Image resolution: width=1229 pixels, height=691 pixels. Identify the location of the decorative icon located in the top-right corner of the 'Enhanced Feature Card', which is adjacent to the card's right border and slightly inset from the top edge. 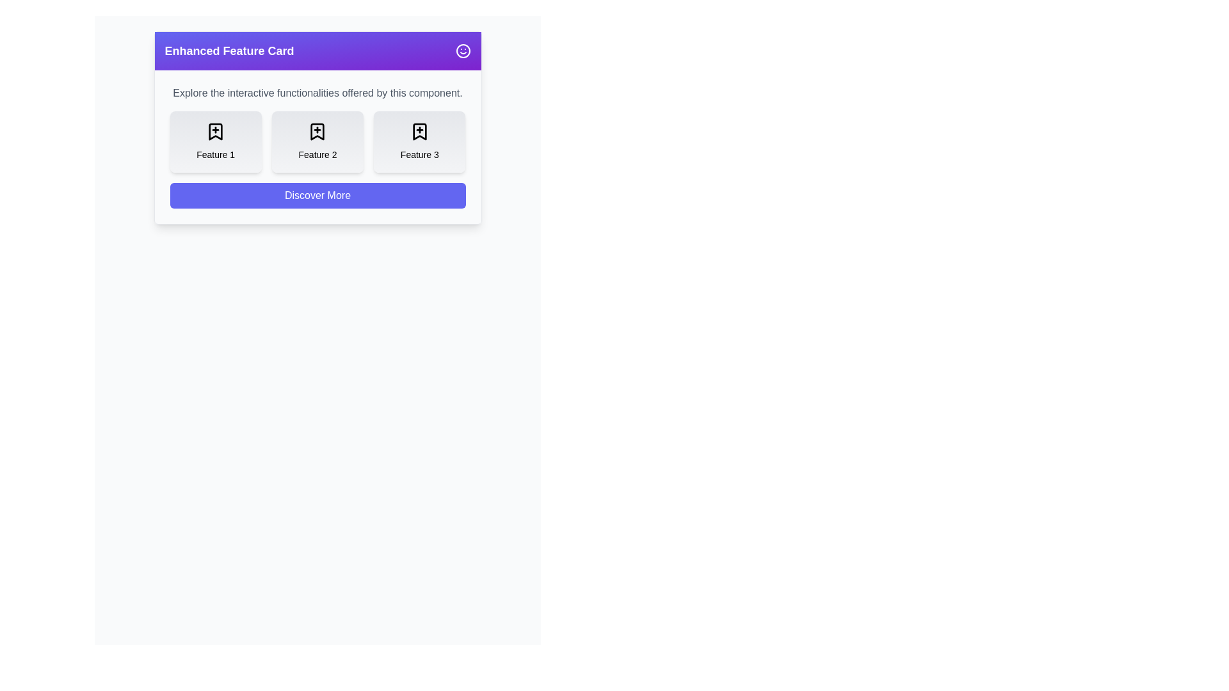
(462, 51).